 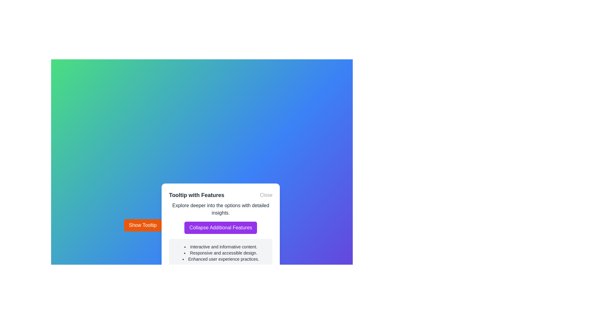 I want to click on the second bullet point in the tooltip box that reads 'Responsive and accessible design.', so click(x=221, y=253).